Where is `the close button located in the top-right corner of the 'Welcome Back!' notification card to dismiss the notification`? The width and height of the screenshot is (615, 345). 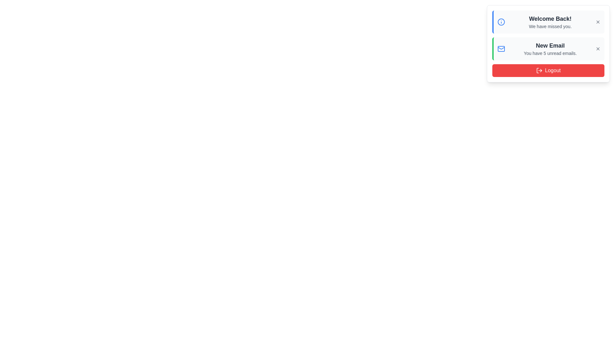
the close button located in the top-right corner of the 'Welcome Back!' notification card to dismiss the notification is located at coordinates (598, 22).